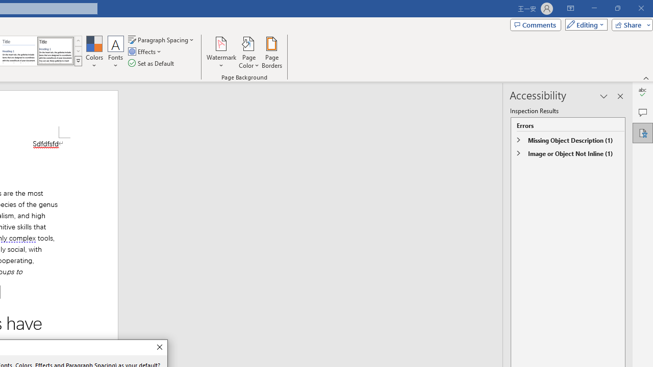  I want to click on 'Colors', so click(94, 53).